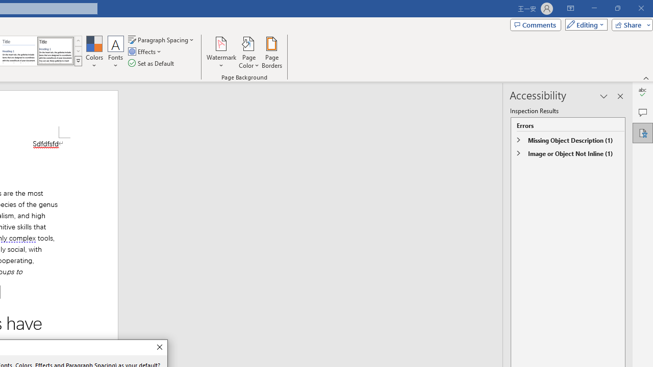  I want to click on 'Colors', so click(94, 53).